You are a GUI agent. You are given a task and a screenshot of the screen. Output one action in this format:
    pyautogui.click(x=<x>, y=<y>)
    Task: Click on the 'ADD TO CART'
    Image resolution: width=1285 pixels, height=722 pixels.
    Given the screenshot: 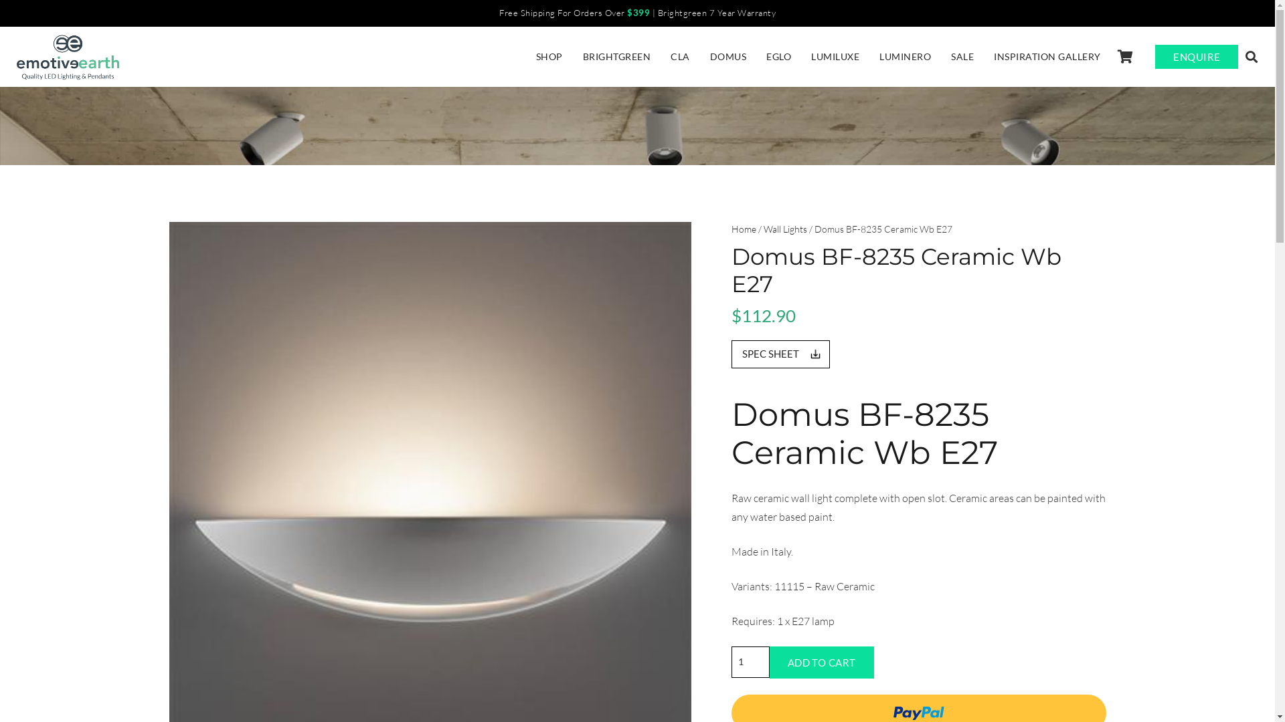 What is the action you would take?
    pyautogui.click(x=821, y=663)
    